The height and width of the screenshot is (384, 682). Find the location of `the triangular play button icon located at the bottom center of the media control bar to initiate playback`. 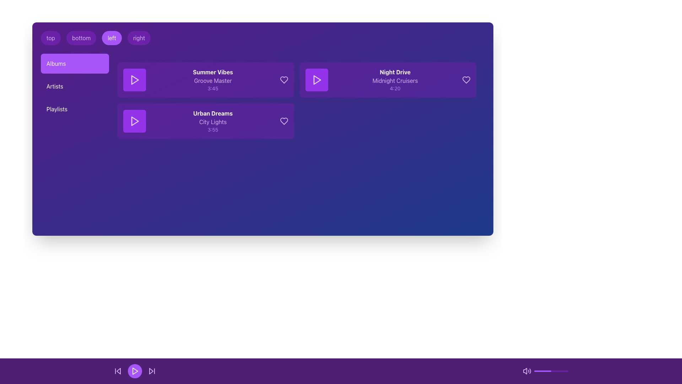

the triangular play button icon located at the bottom center of the media control bar to initiate playback is located at coordinates (135, 371).